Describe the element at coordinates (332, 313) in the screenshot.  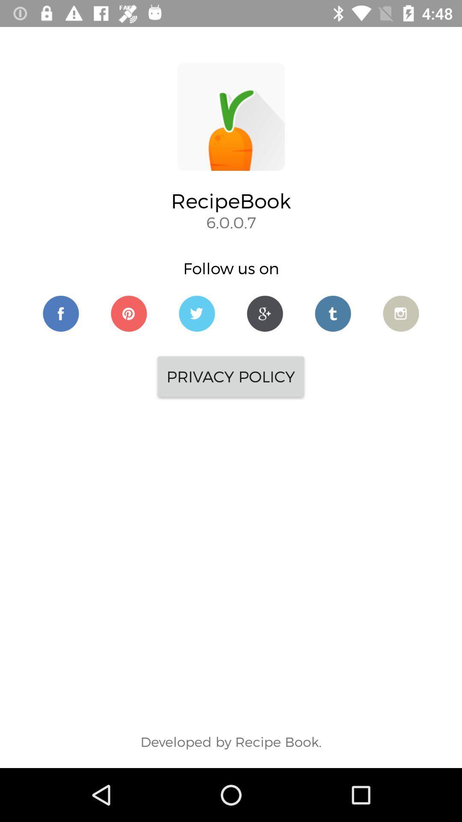
I see `follow recipebook on twitter` at that location.